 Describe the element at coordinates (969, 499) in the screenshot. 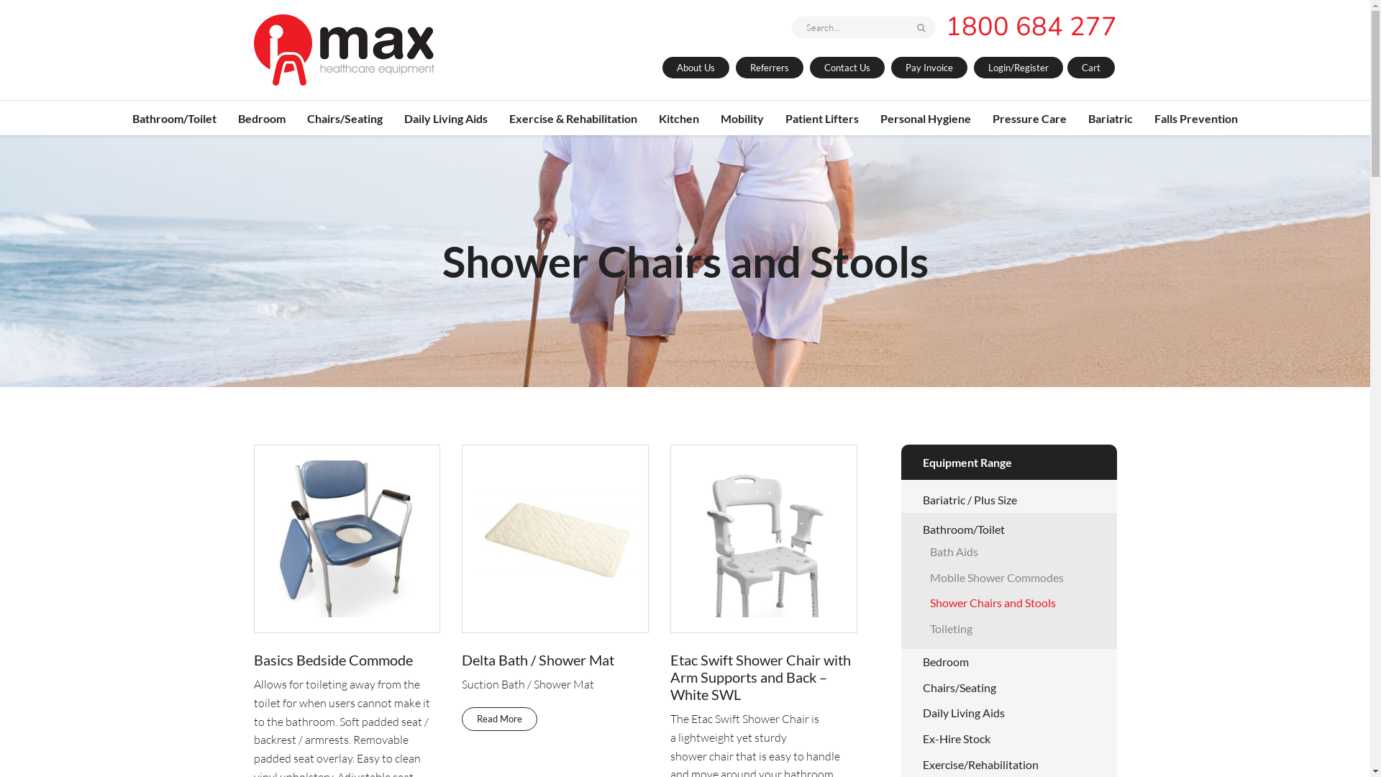

I see `'Bariatric / Plus Size'` at that location.